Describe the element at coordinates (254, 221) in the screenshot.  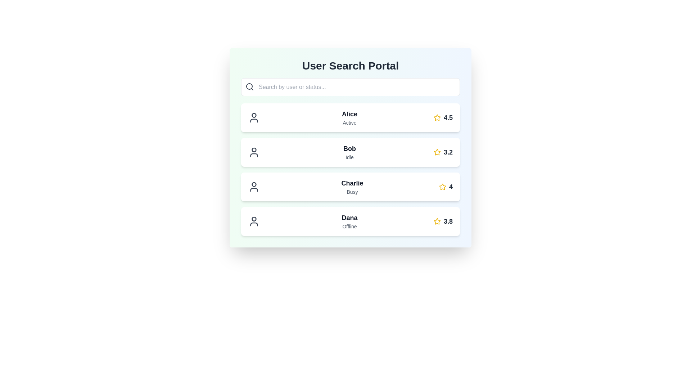
I see `the user icon element representing 'Dana', which is a minimalist, line-art styled SVG icon located at the far left of the row with the status 'Offline'` at that location.